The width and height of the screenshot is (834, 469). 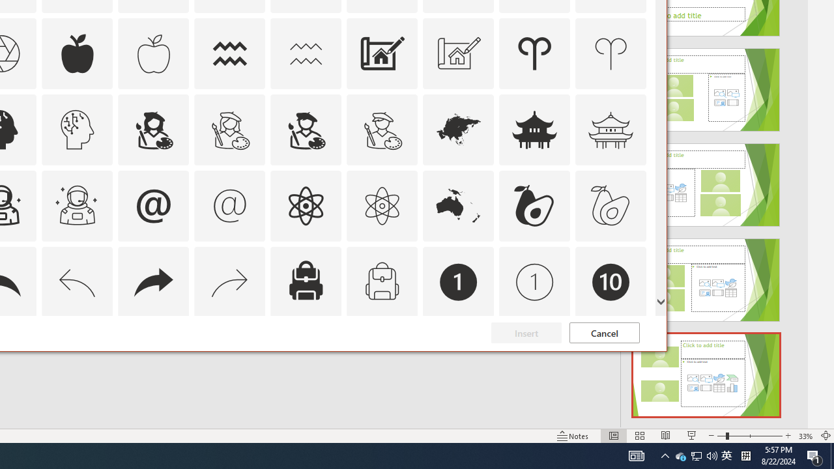 What do you see at coordinates (459, 281) in the screenshot?
I see `'AutomationID: Icons_Badge1'` at bounding box center [459, 281].